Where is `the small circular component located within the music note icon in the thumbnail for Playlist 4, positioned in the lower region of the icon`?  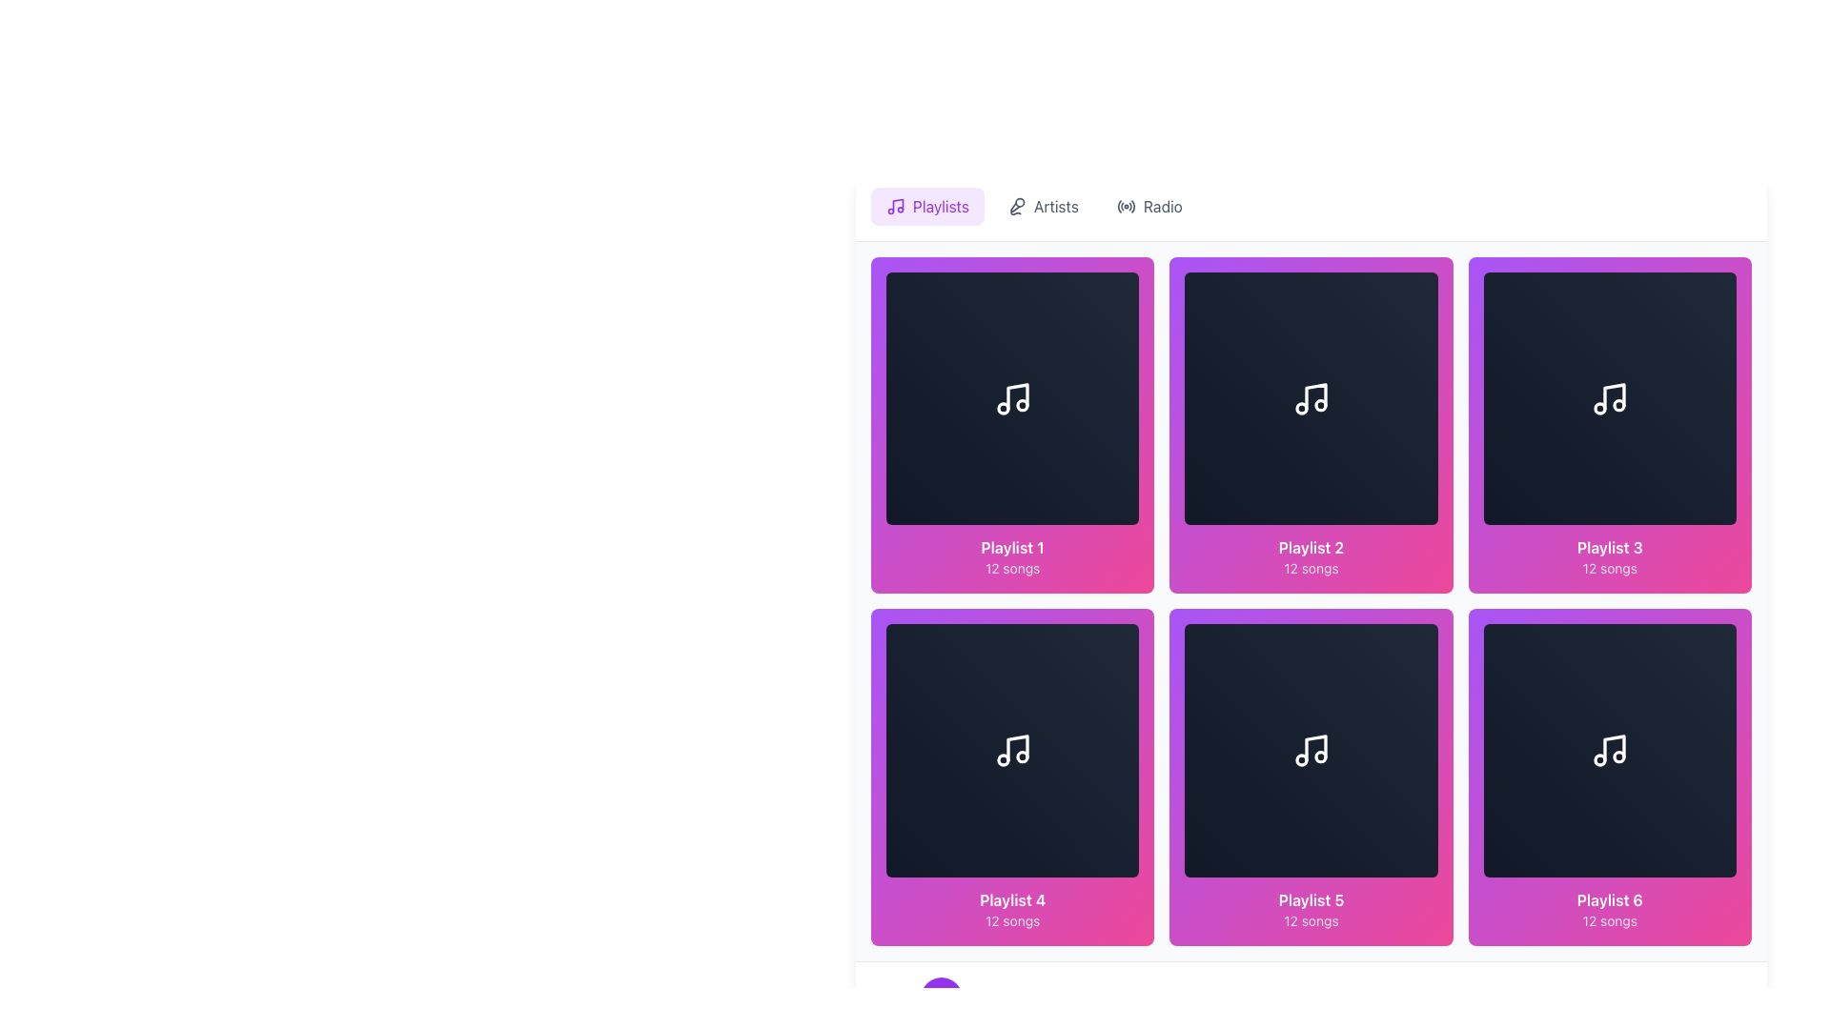
the small circular component located within the music note icon in the thumbnail for Playlist 4, positioned in the lower region of the icon is located at coordinates (1021, 756).